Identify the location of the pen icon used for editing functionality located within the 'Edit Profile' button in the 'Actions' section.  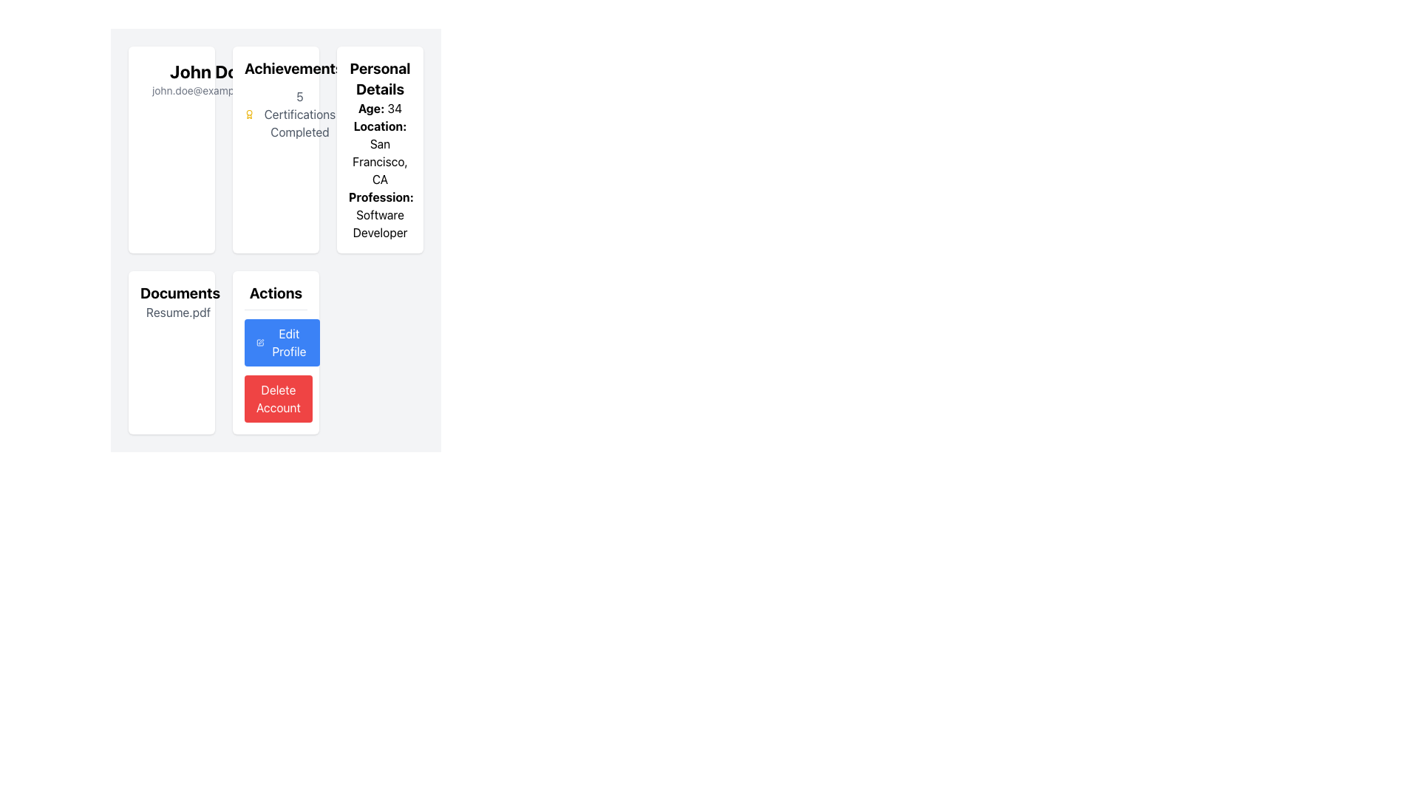
(260, 342).